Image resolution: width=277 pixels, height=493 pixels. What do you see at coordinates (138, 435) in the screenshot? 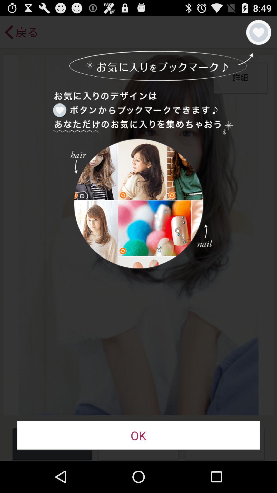
I see `the ok button` at bounding box center [138, 435].